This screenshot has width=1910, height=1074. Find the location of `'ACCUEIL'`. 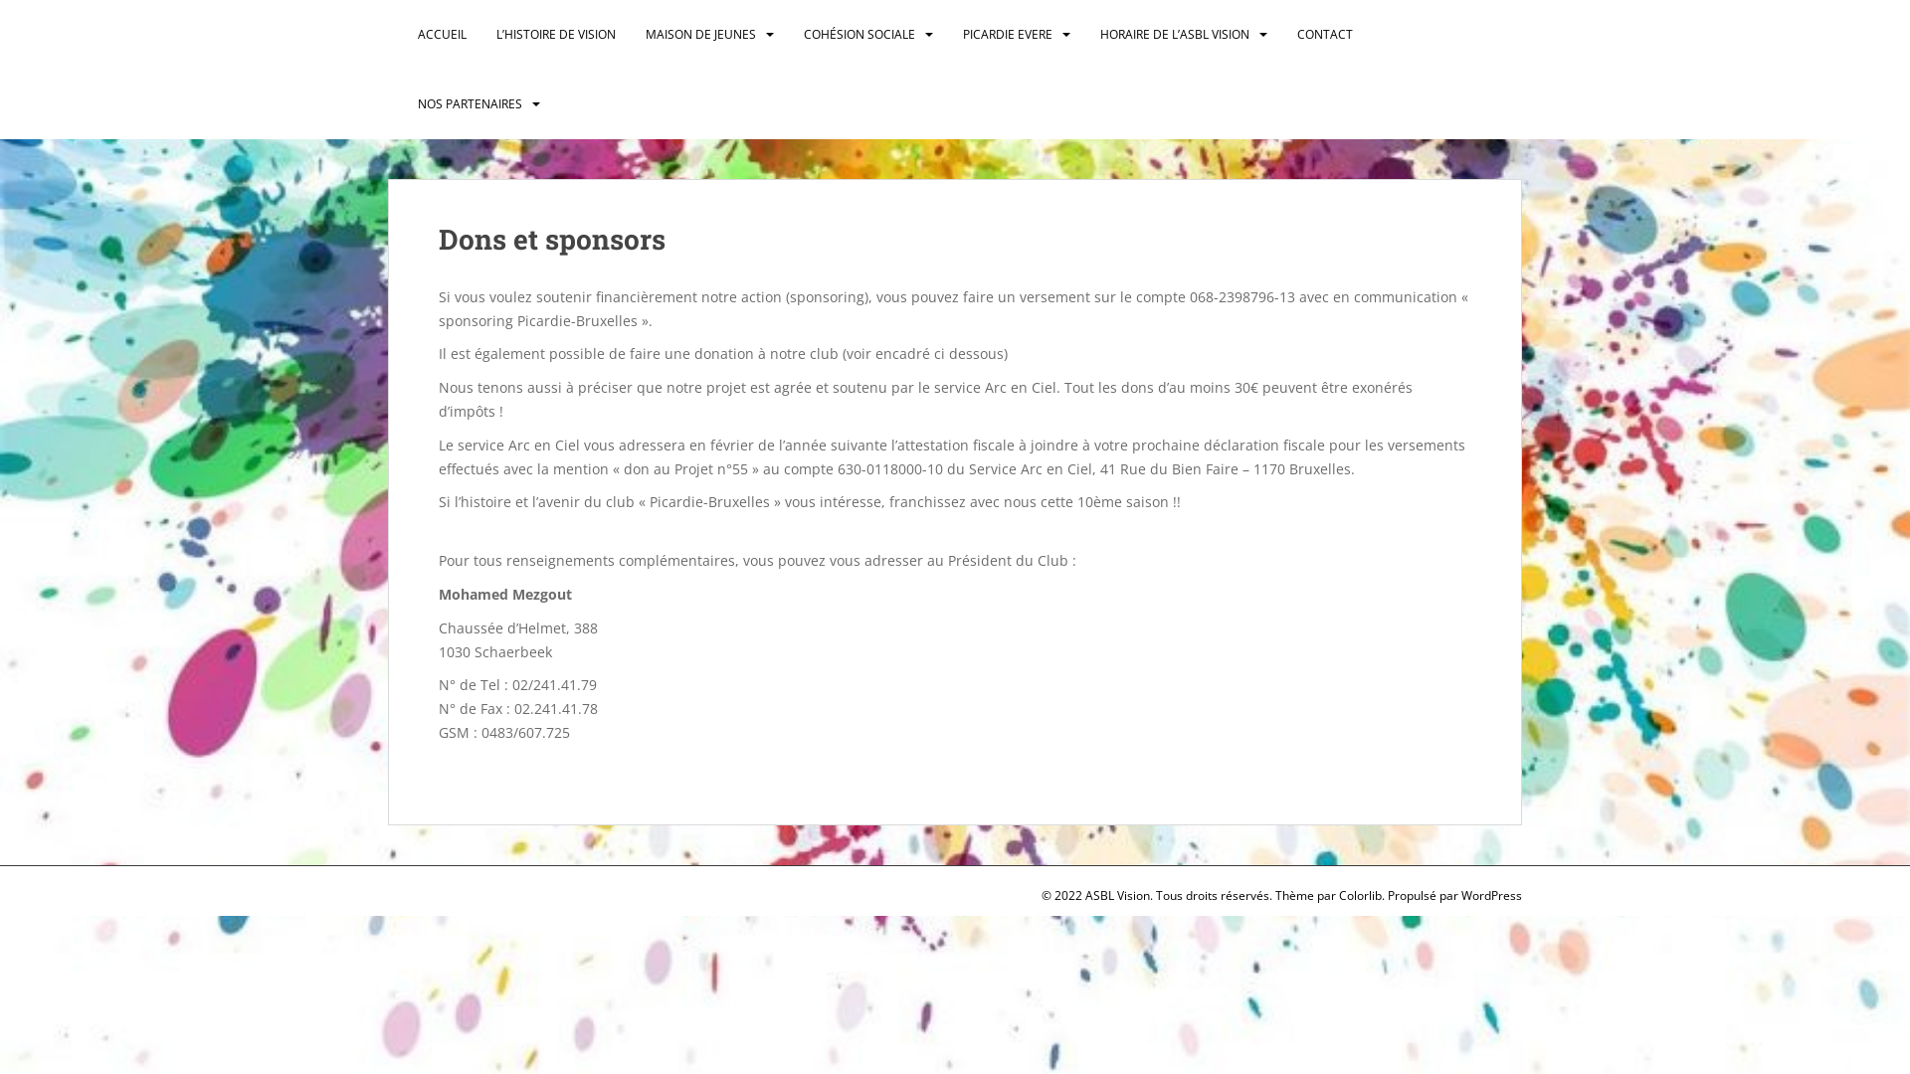

'ACCUEIL' is located at coordinates (441, 34).